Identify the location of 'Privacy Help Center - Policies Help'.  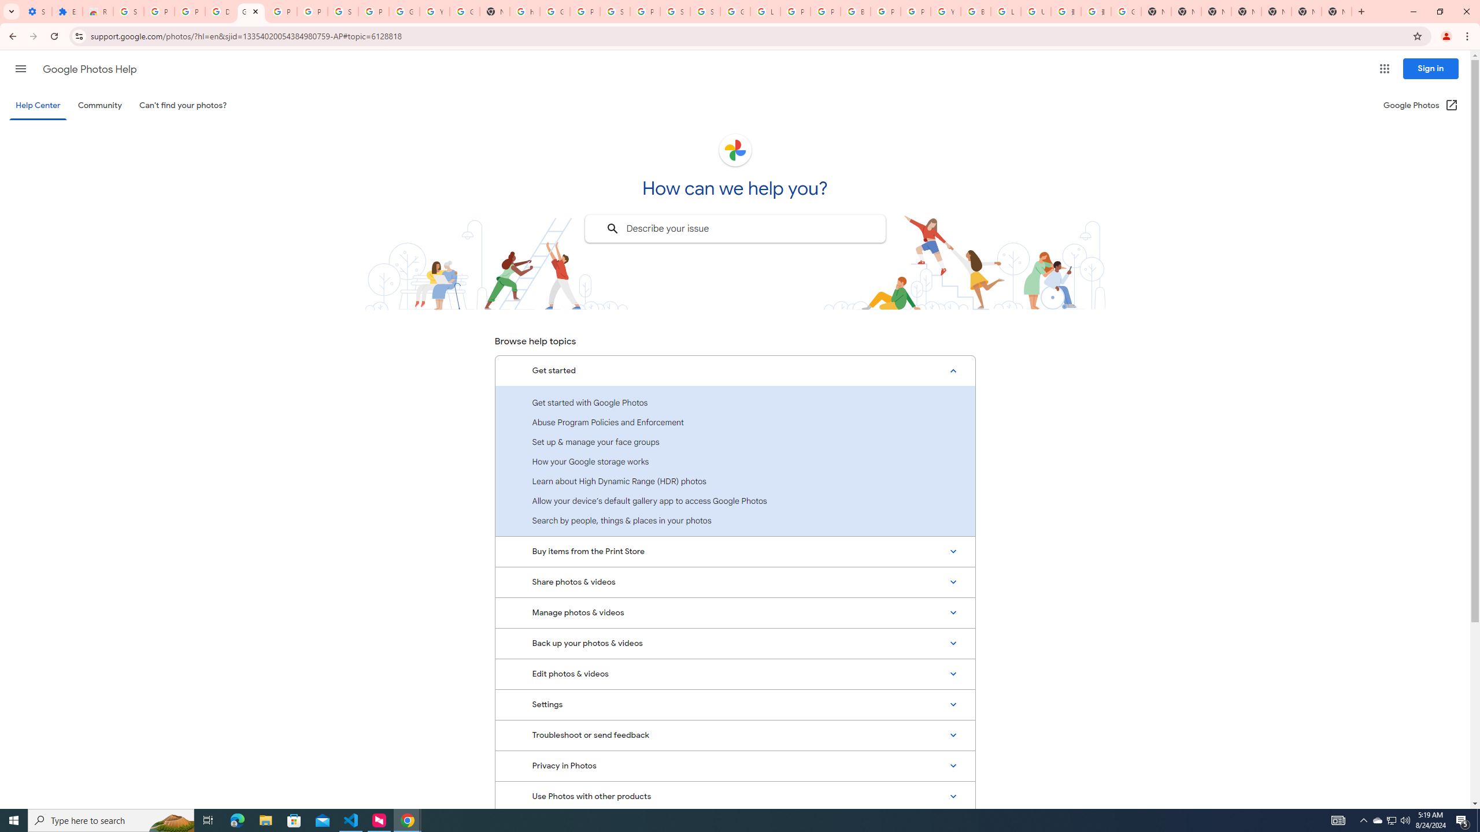
(824, 11).